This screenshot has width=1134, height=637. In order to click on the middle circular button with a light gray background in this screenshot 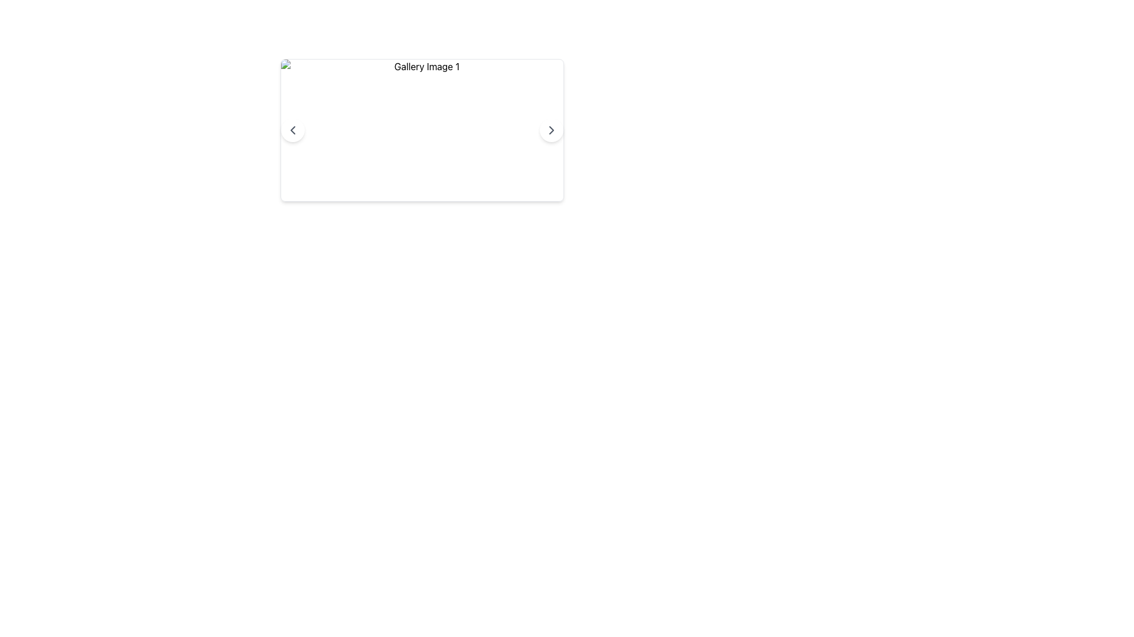, I will do `click(422, 211)`.